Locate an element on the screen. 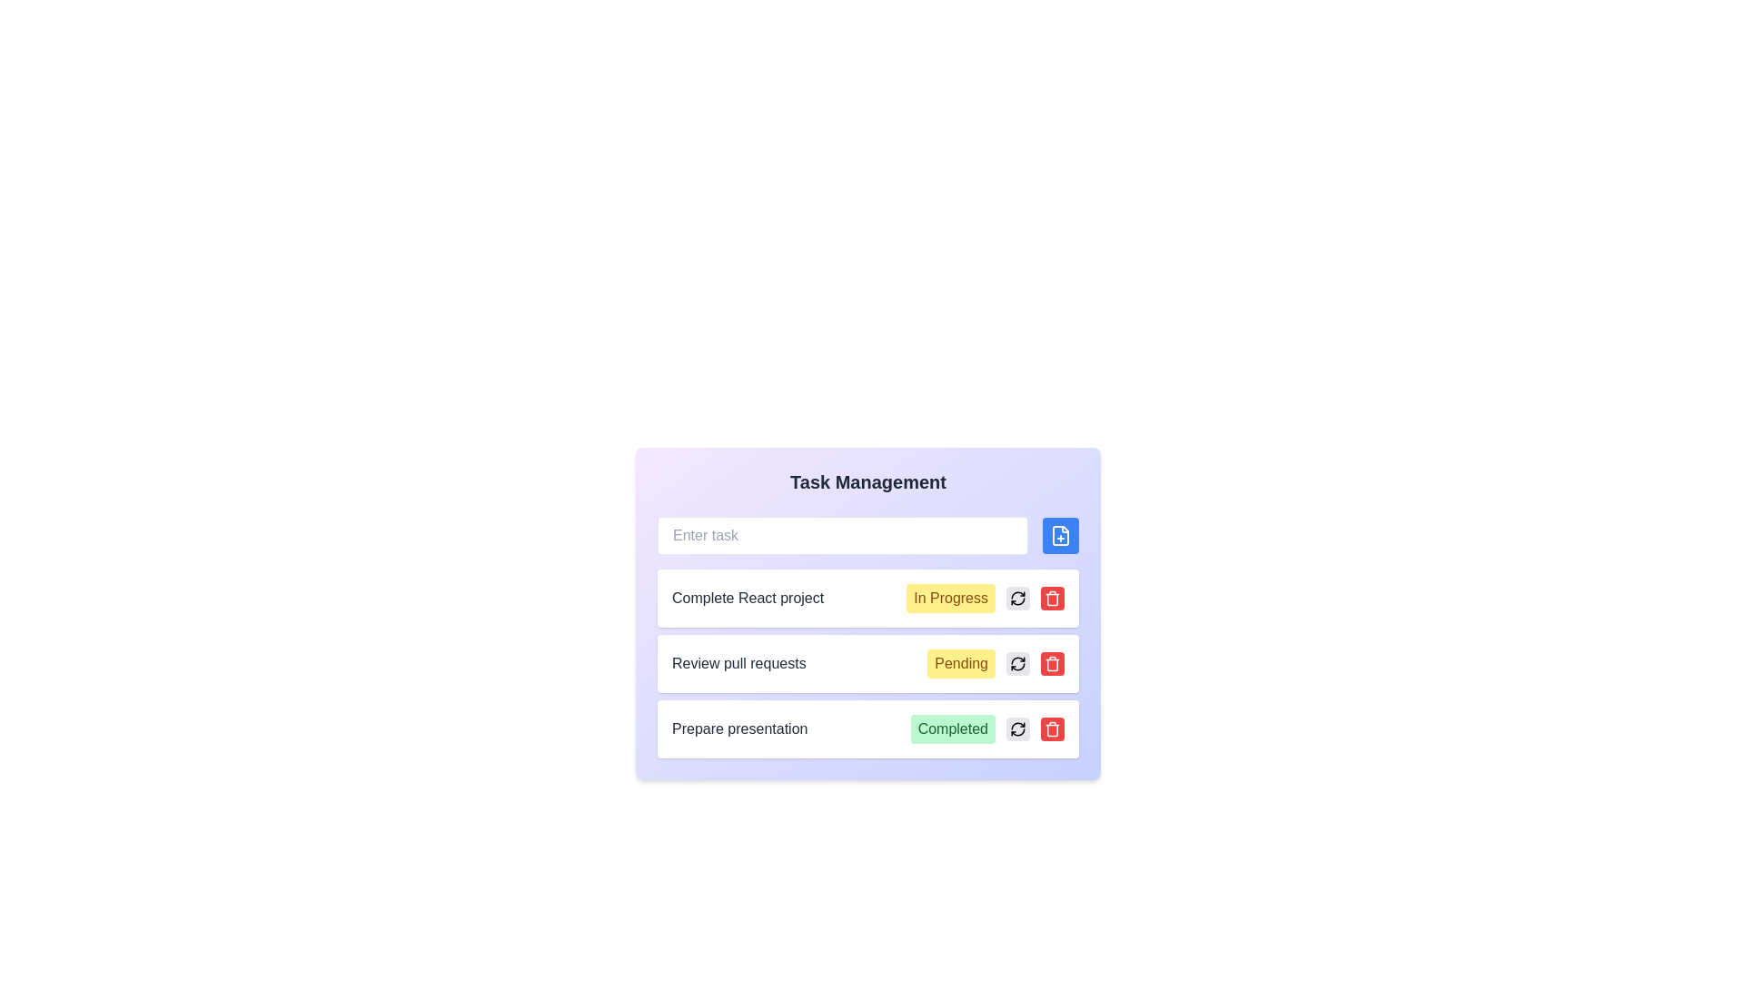 The image size is (1744, 981). the interactive icons for actions like editing or deleting the task in the Task entry row labeled 'Review pull requests' with a status indicator 'Pending' is located at coordinates (867, 664).